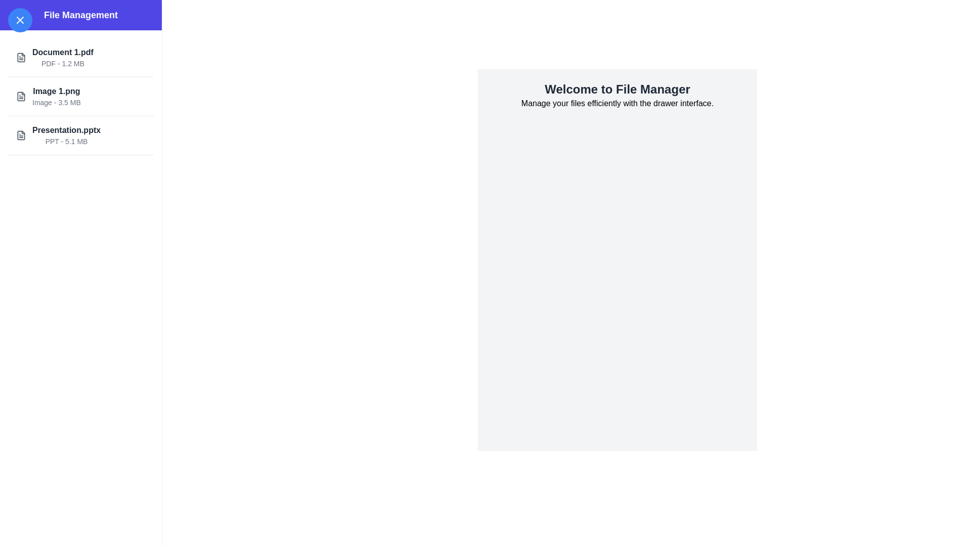  Describe the element at coordinates (80, 15) in the screenshot. I see `the header text 'File Management' in the drawer` at that location.